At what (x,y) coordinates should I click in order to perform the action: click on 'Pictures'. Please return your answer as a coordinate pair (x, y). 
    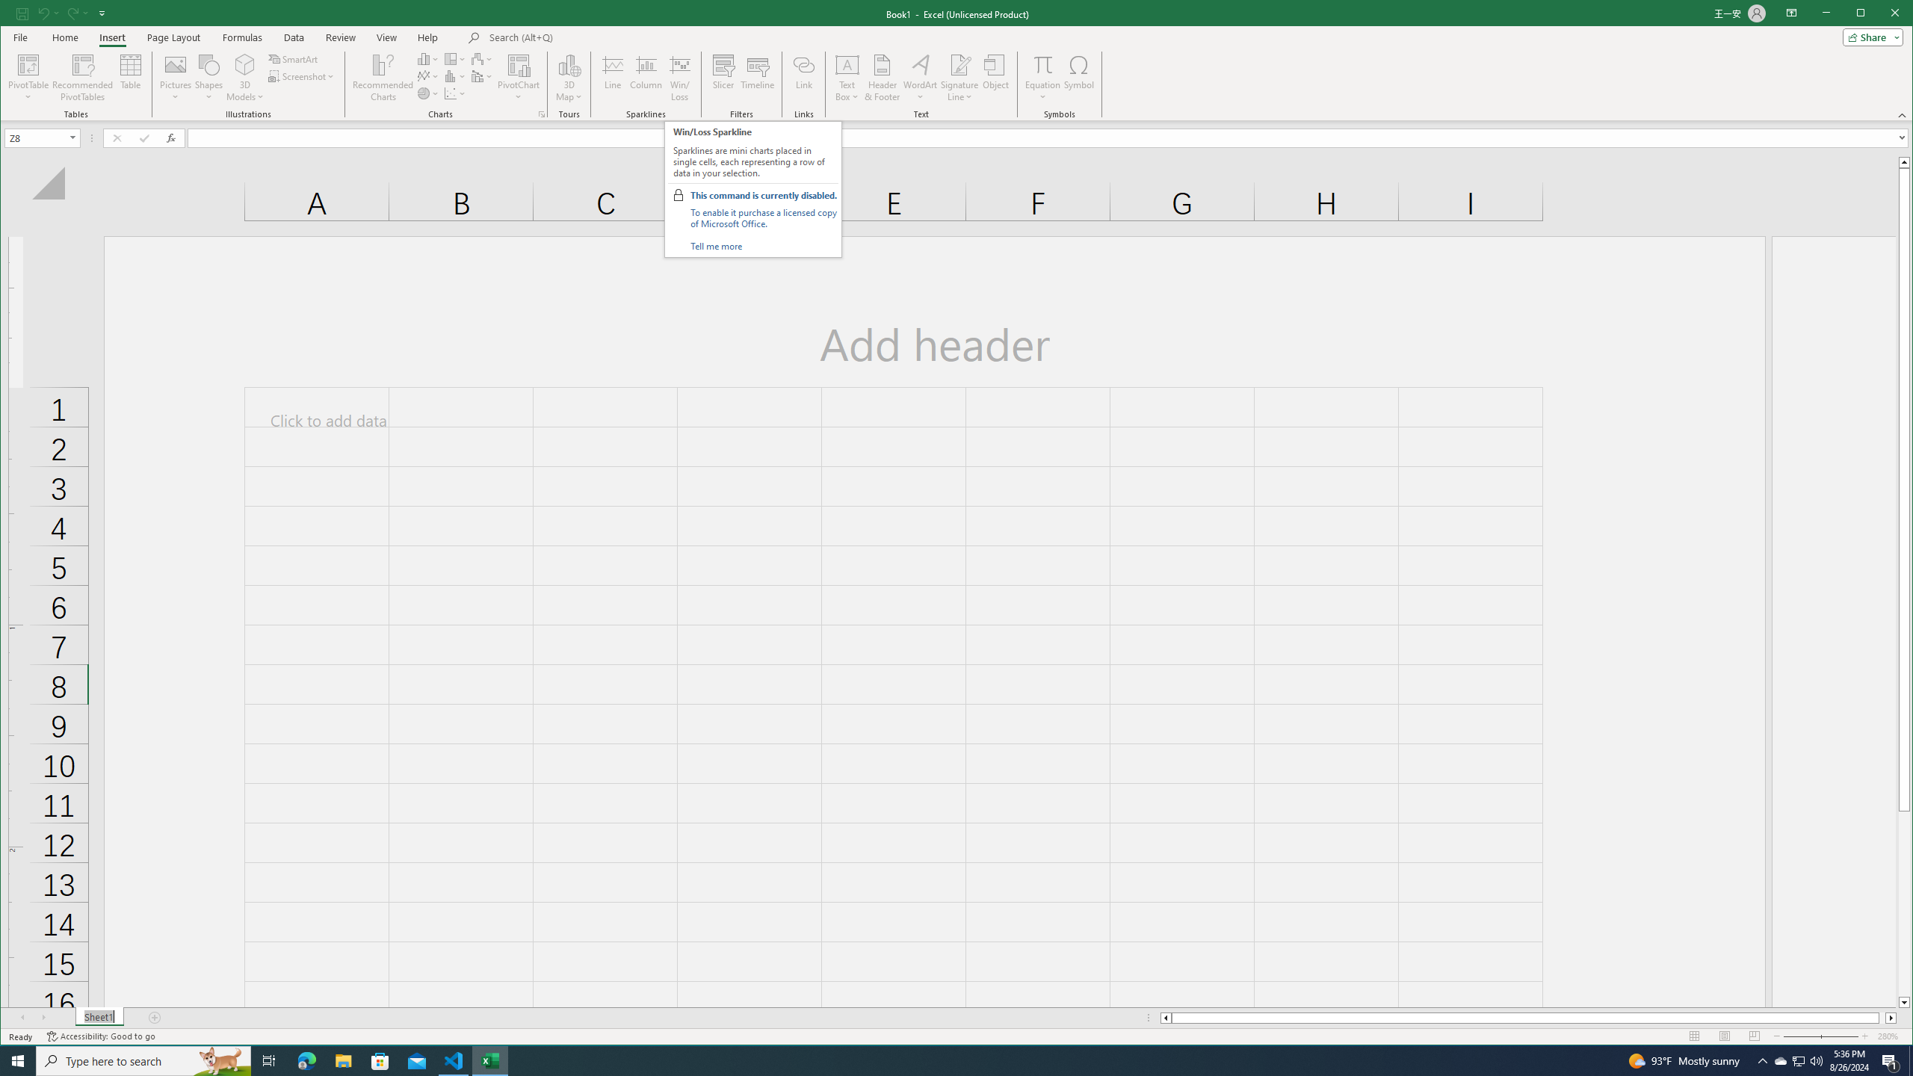
    Looking at the image, I should click on (176, 77).